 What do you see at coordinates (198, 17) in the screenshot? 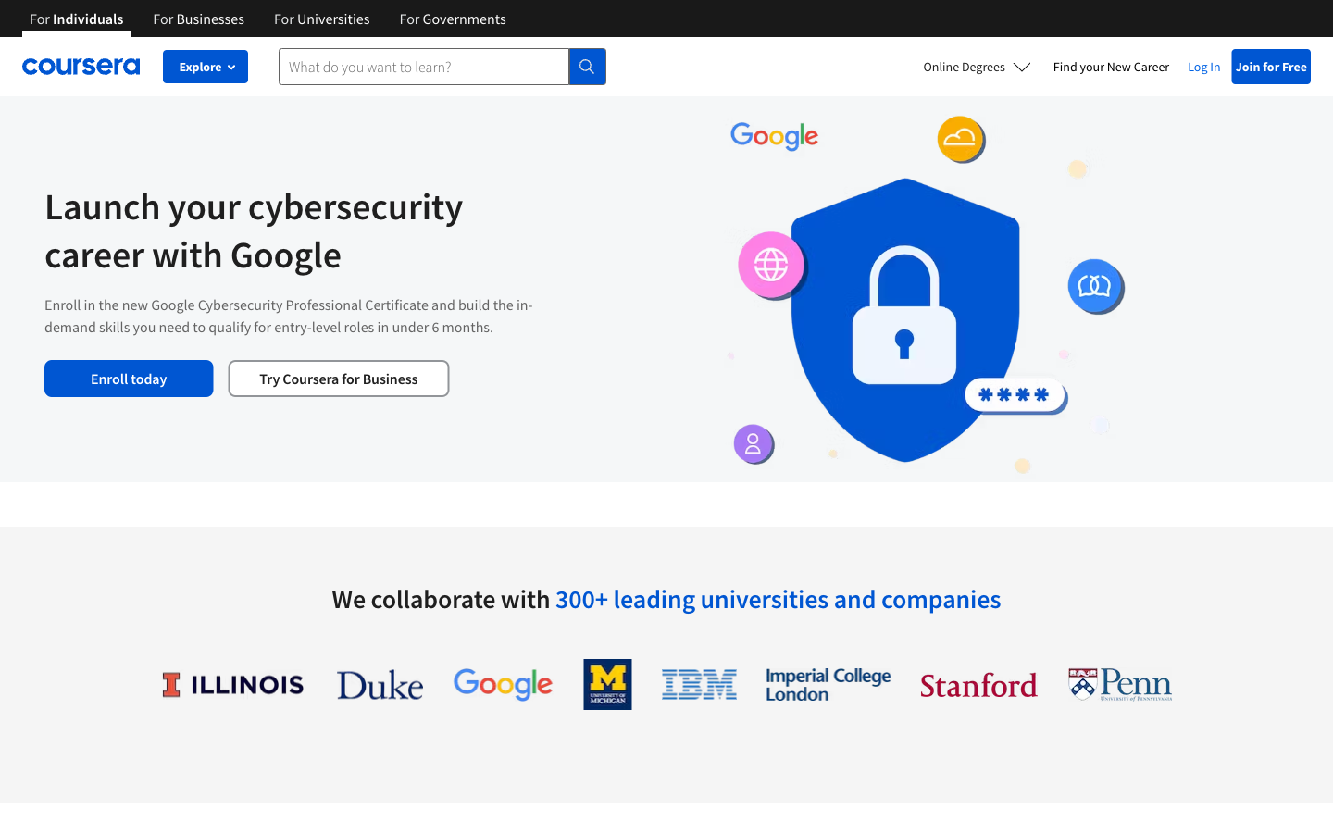
I see `Coursera"s business page` at bounding box center [198, 17].